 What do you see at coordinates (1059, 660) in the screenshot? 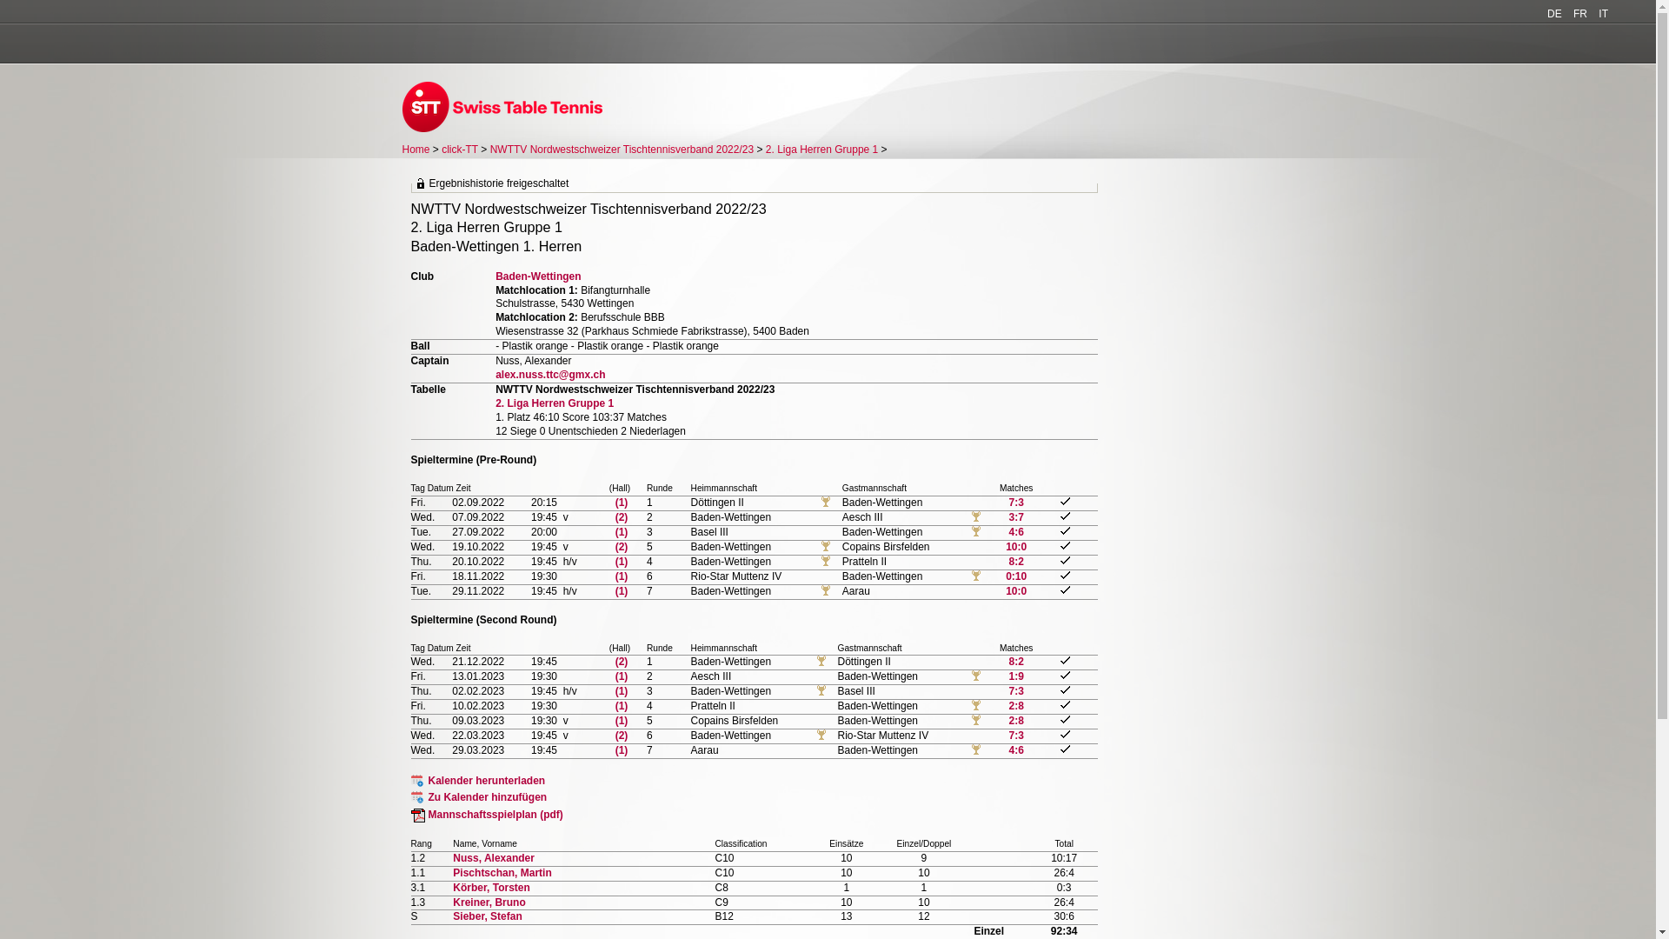
I see `'Spielbericht genehmigt'` at bounding box center [1059, 660].